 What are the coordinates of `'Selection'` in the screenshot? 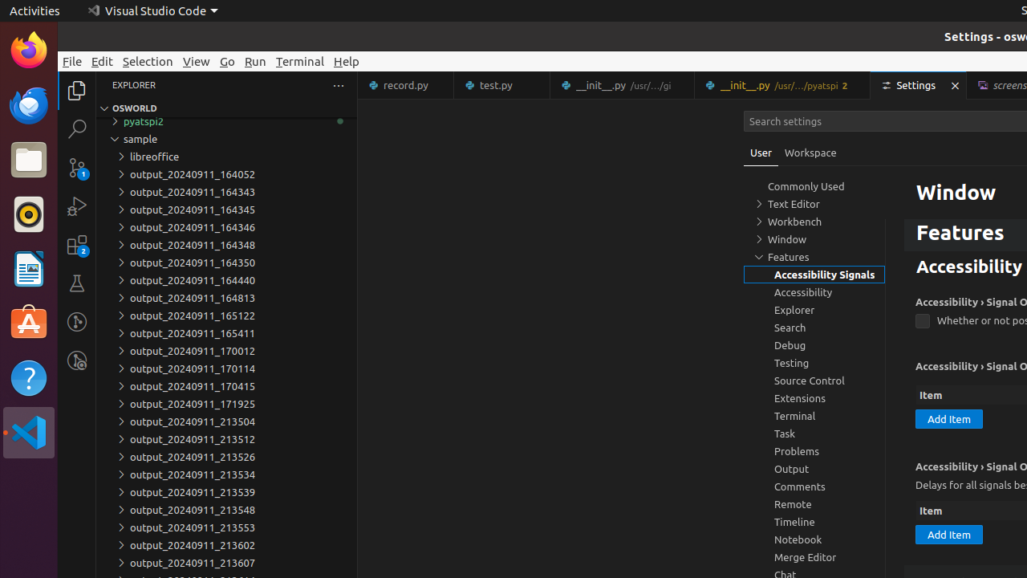 It's located at (148, 60).